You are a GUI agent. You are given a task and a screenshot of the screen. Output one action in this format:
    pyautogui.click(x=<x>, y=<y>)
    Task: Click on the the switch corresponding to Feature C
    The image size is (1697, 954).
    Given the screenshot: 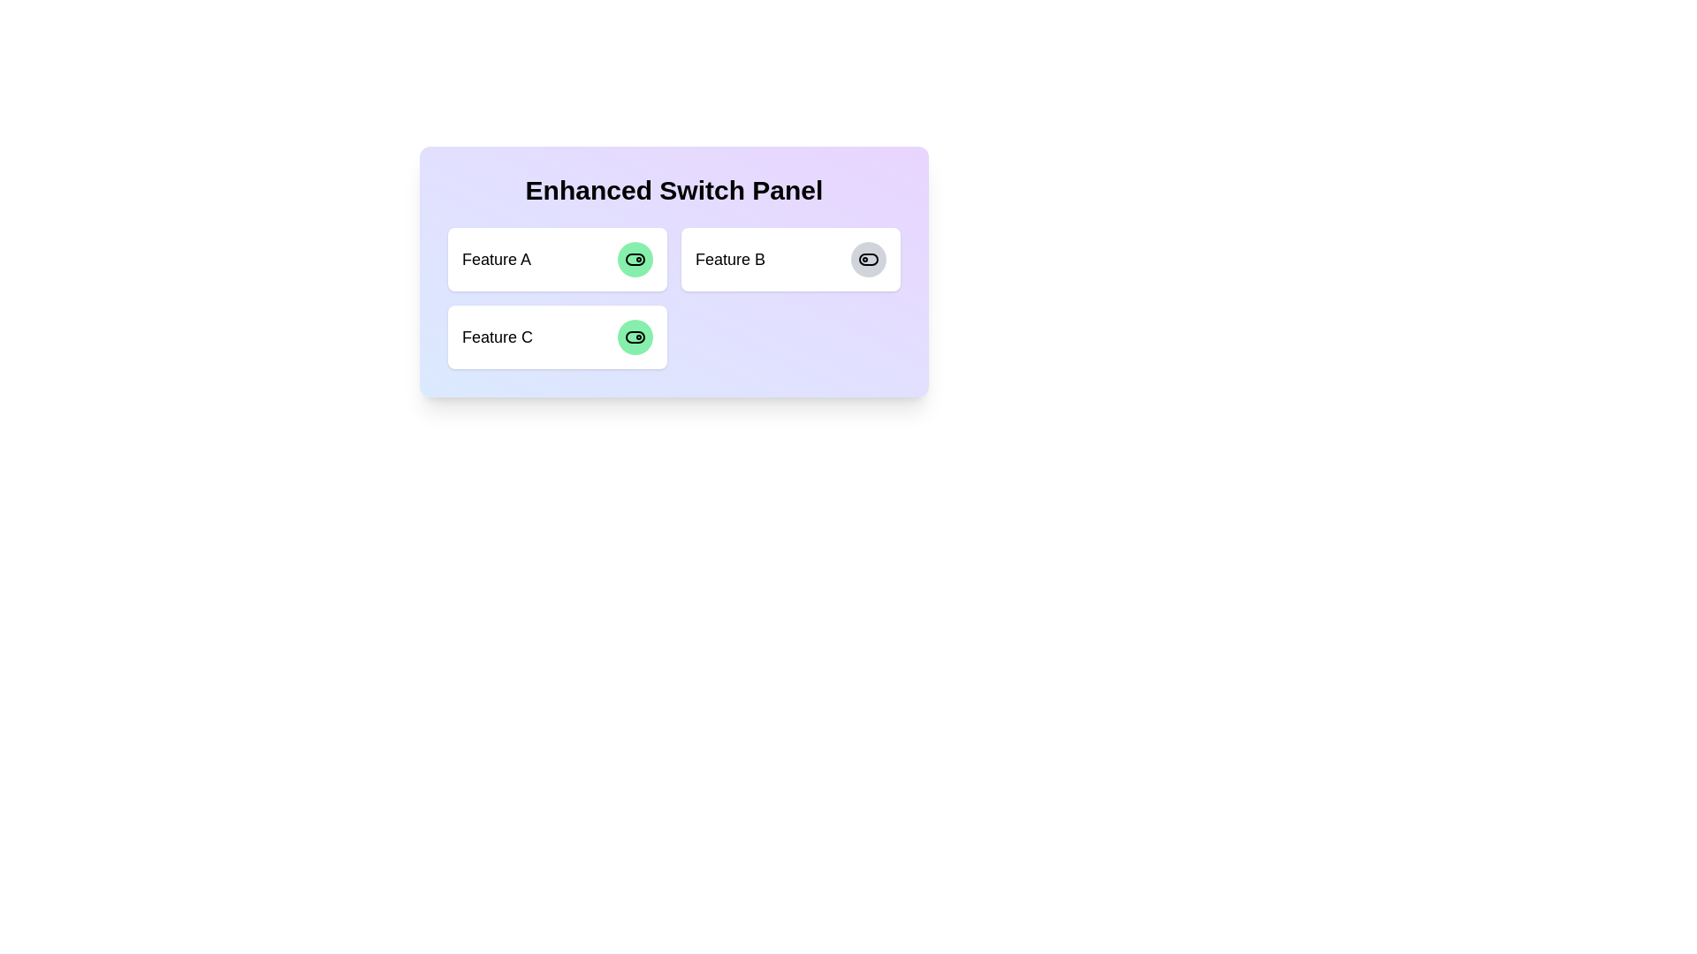 What is the action you would take?
    pyautogui.click(x=635, y=337)
    